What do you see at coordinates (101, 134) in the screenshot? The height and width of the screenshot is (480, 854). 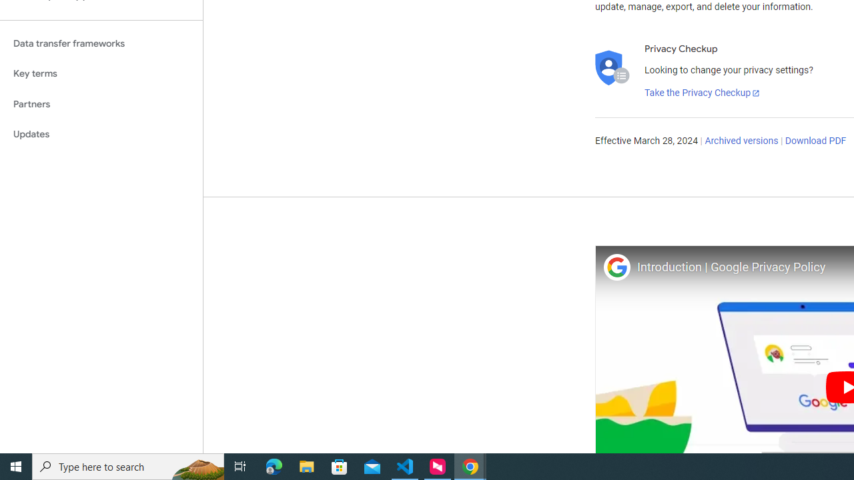 I see `'Updates'` at bounding box center [101, 134].